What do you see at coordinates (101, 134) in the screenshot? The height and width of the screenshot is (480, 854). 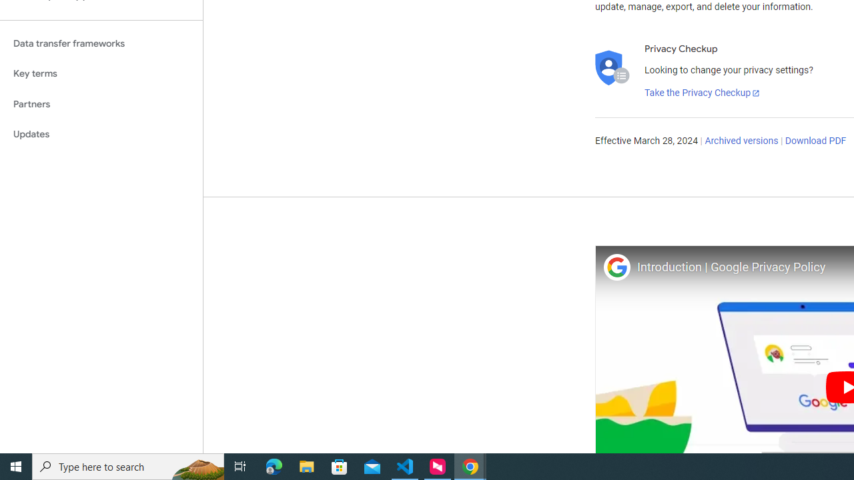 I see `'Updates'` at bounding box center [101, 134].